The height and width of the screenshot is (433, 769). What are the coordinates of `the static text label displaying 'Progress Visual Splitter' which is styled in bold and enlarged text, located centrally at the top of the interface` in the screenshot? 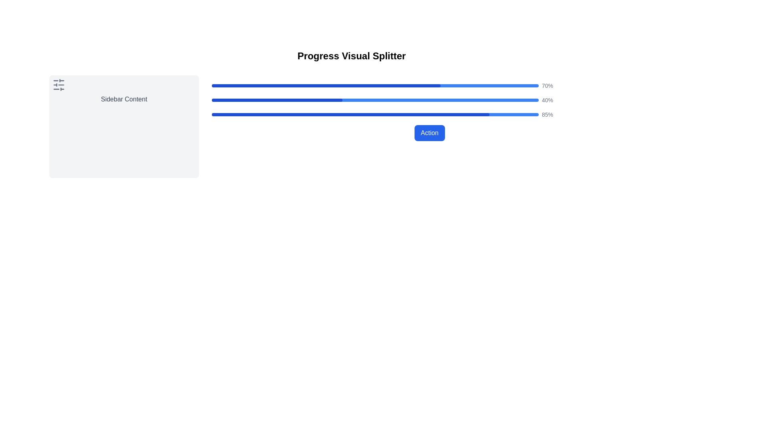 It's located at (352, 55).